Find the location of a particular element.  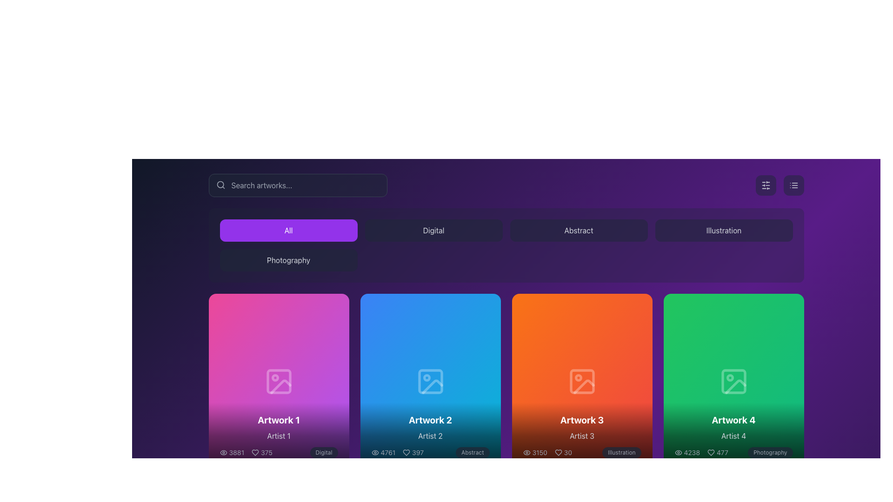

the small rectangle icon with rounded corners that serves as a background component in the 'Artwork 1' card located in the first column of the grid layout is located at coordinates (278, 381).